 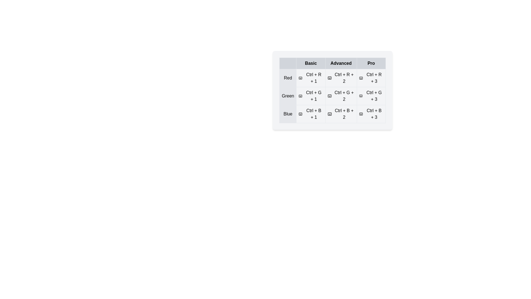 I want to click on the keyboard icon located in the second row and second column under the 'Advanced' heading, beside the label 'Red', so click(x=330, y=78).